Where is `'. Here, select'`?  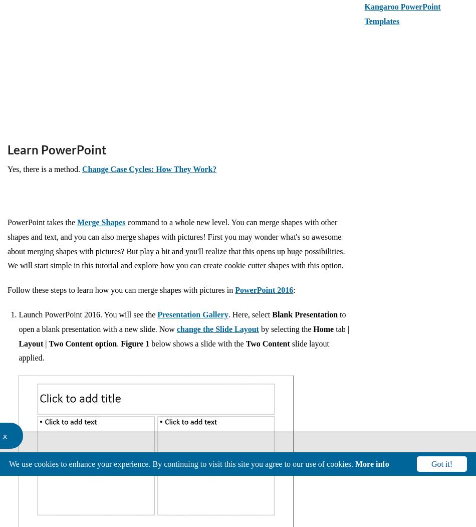
'. Here, select' is located at coordinates (250, 313).